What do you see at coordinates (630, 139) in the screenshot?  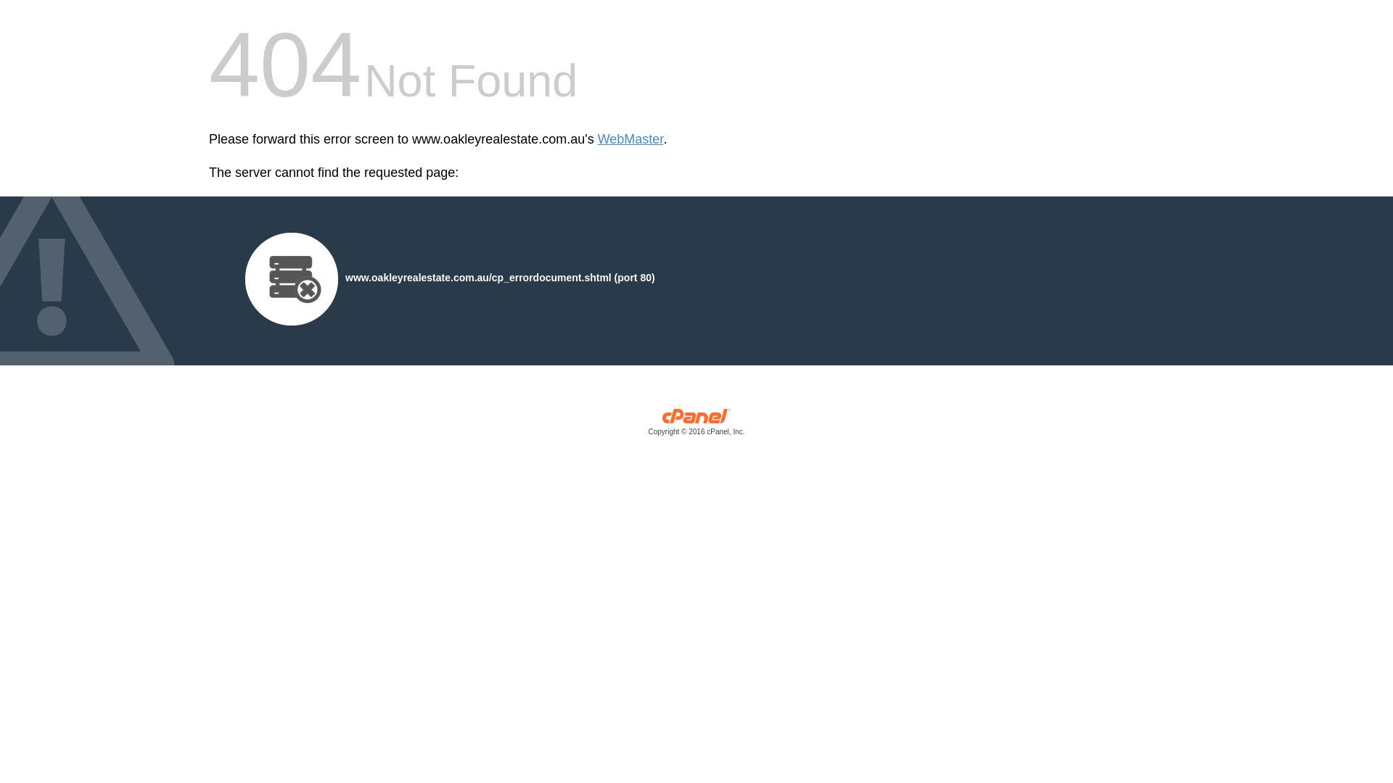 I see `'WebMaster'` at bounding box center [630, 139].